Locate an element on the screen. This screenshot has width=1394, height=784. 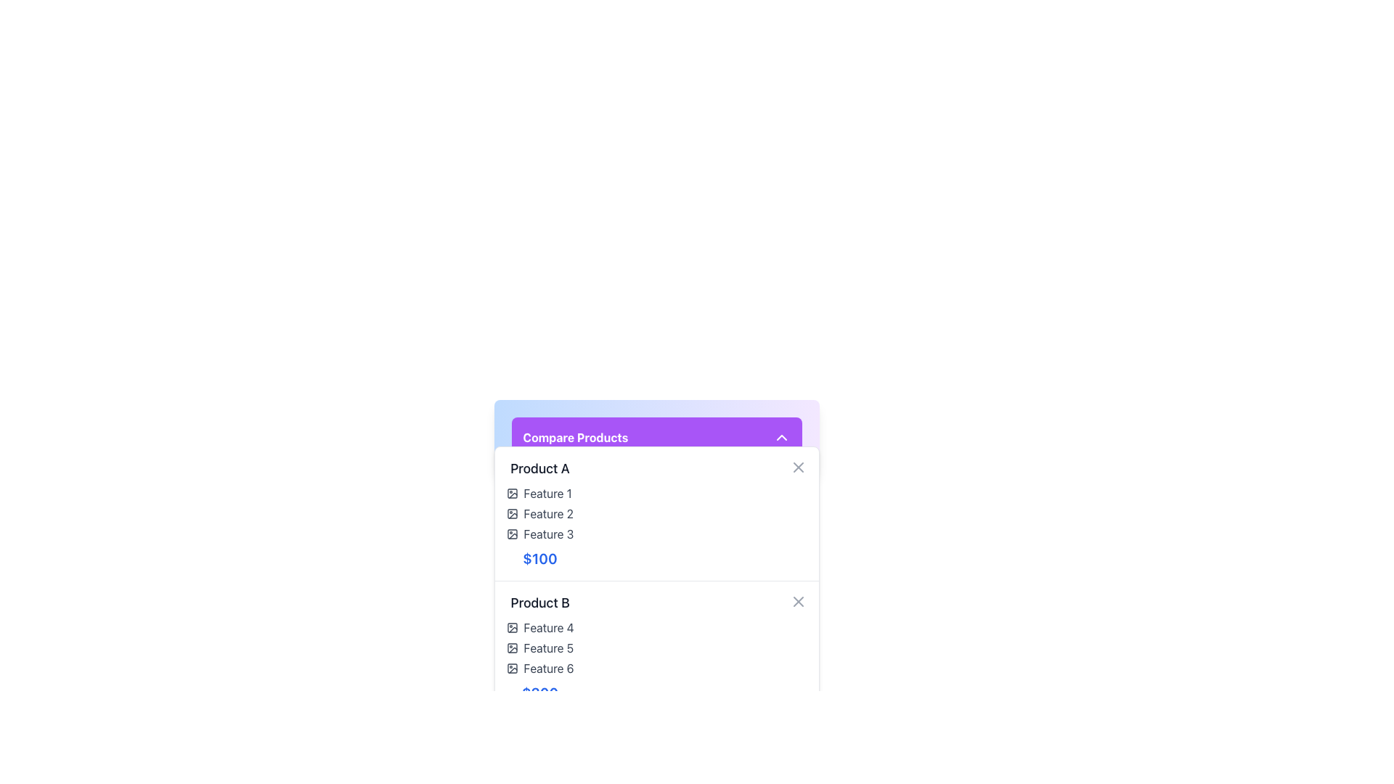
the icon representing a preview related to 'Feature 2' under the 'Product A' section in the 'Compare Products' interface is located at coordinates (512, 513).